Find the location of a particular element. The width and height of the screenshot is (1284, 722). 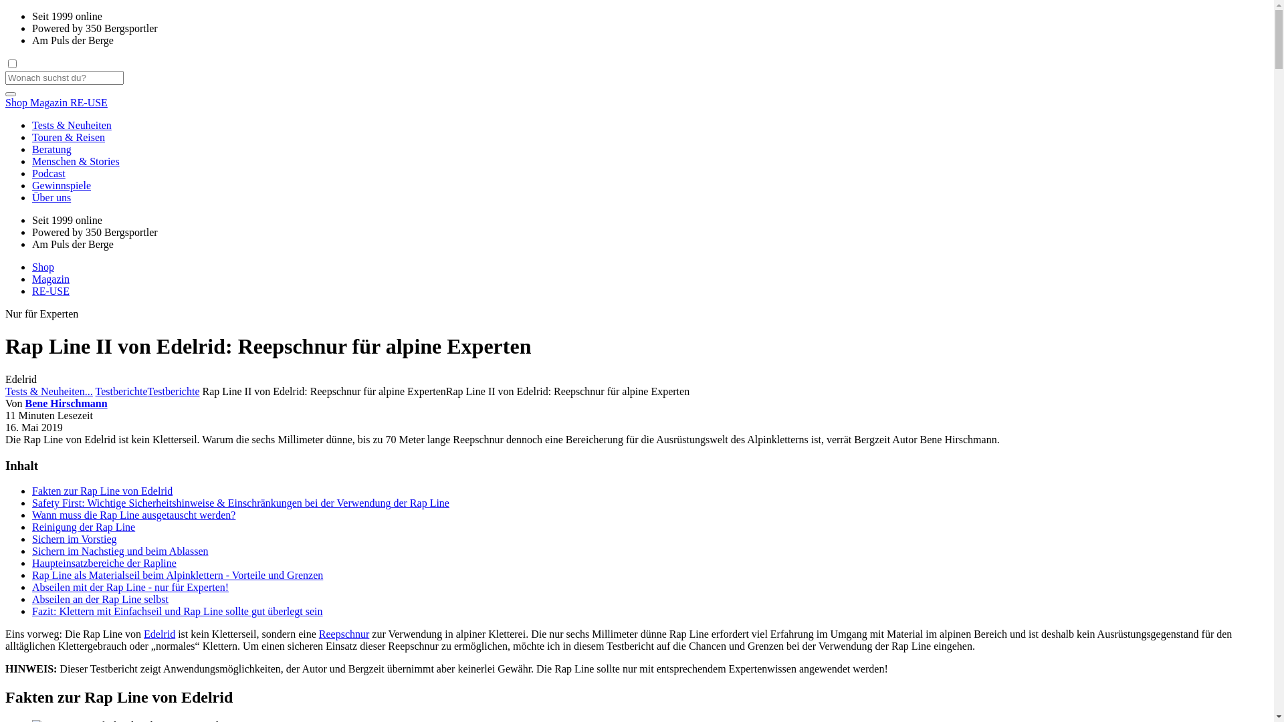

'Bene Hirschmann' is located at coordinates (25, 402).